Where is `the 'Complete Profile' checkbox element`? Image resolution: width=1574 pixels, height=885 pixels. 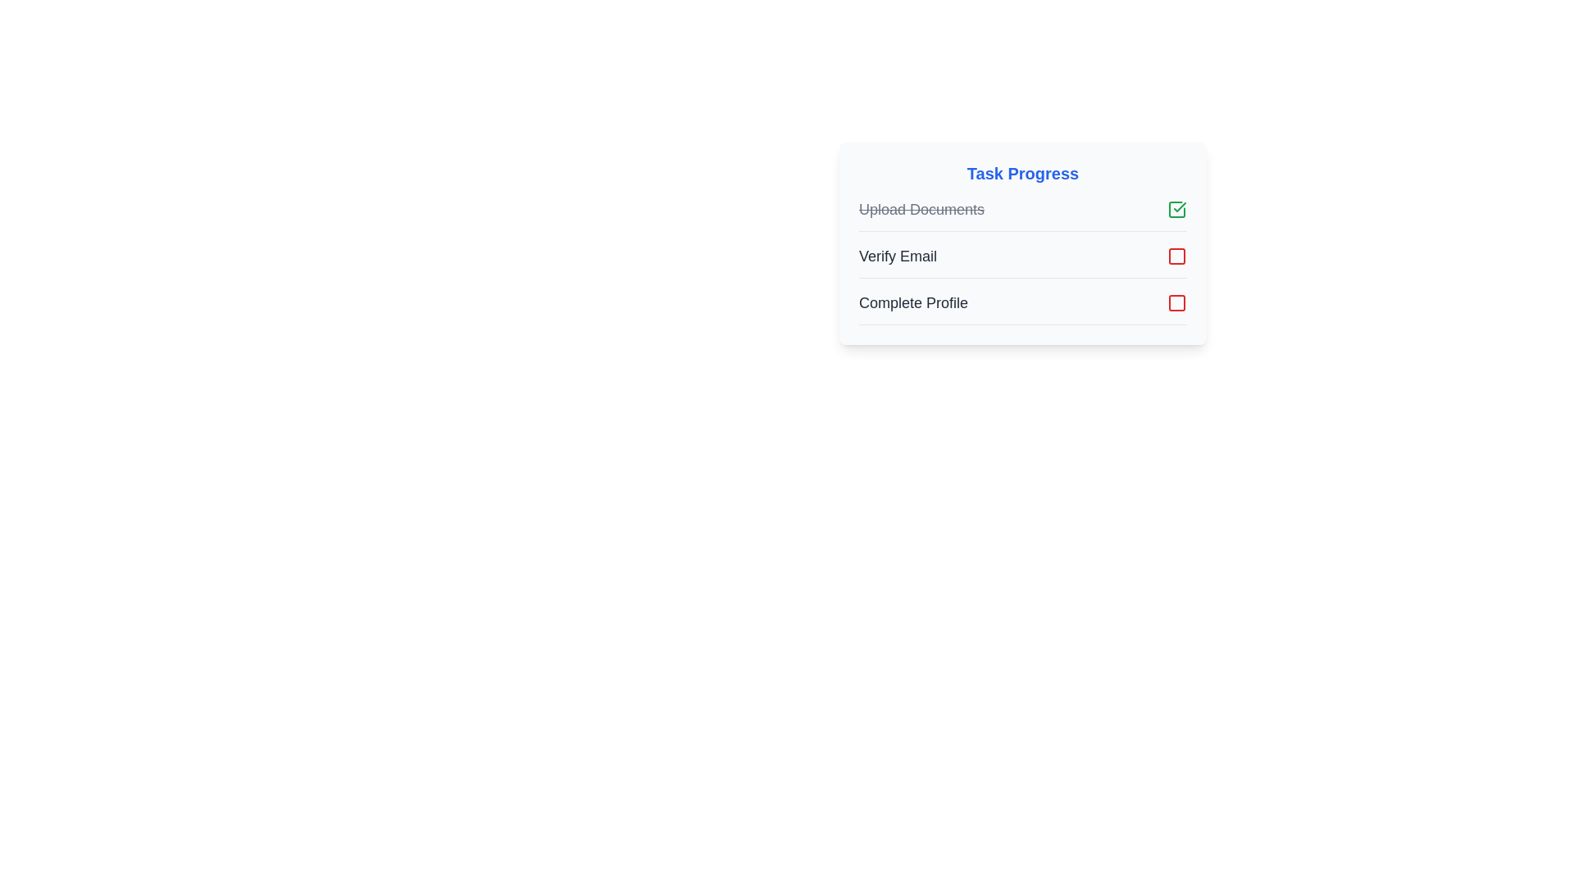
the 'Complete Profile' checkbox element is located at coordinates (1022, 308).